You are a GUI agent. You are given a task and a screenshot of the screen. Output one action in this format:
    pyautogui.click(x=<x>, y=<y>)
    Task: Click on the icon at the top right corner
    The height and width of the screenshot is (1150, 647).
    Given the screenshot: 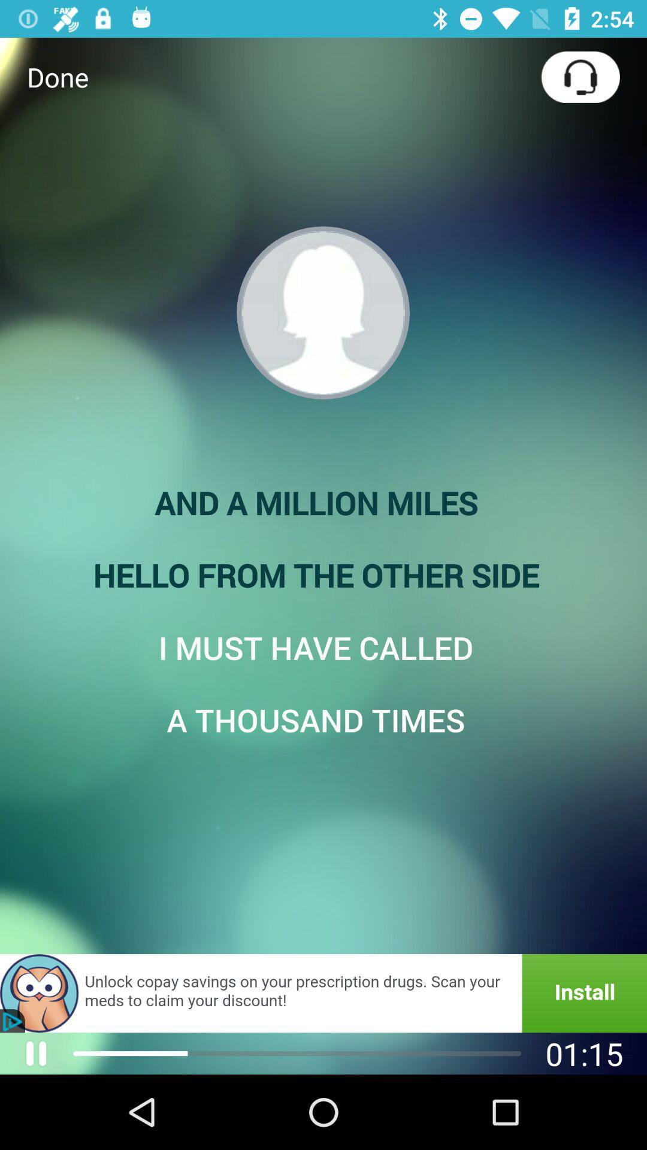 What is the action you would take?
    pyautogui.click(x=580, y=76)
    